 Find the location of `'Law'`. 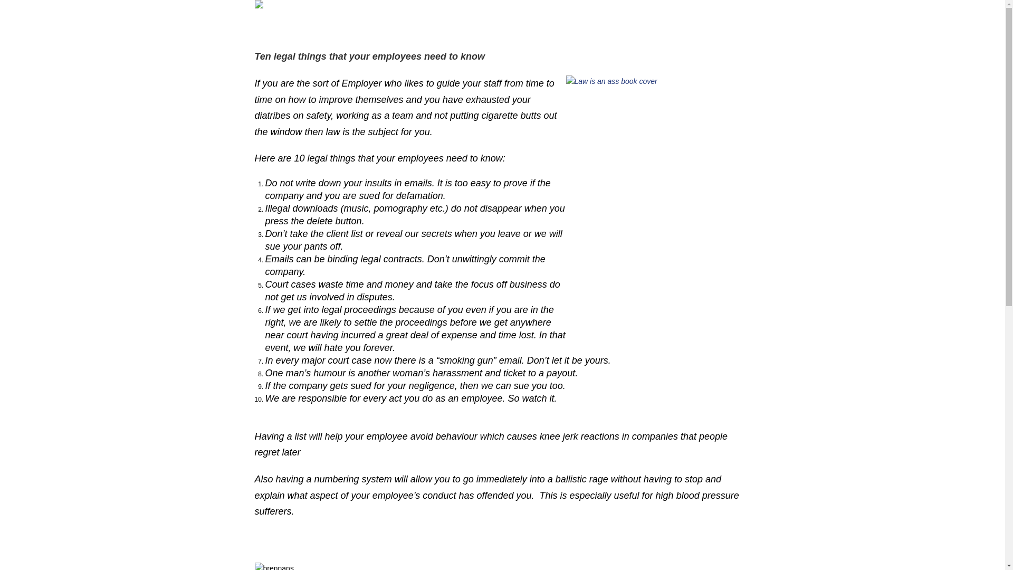

'Law' is located at coordinates (444, 22).